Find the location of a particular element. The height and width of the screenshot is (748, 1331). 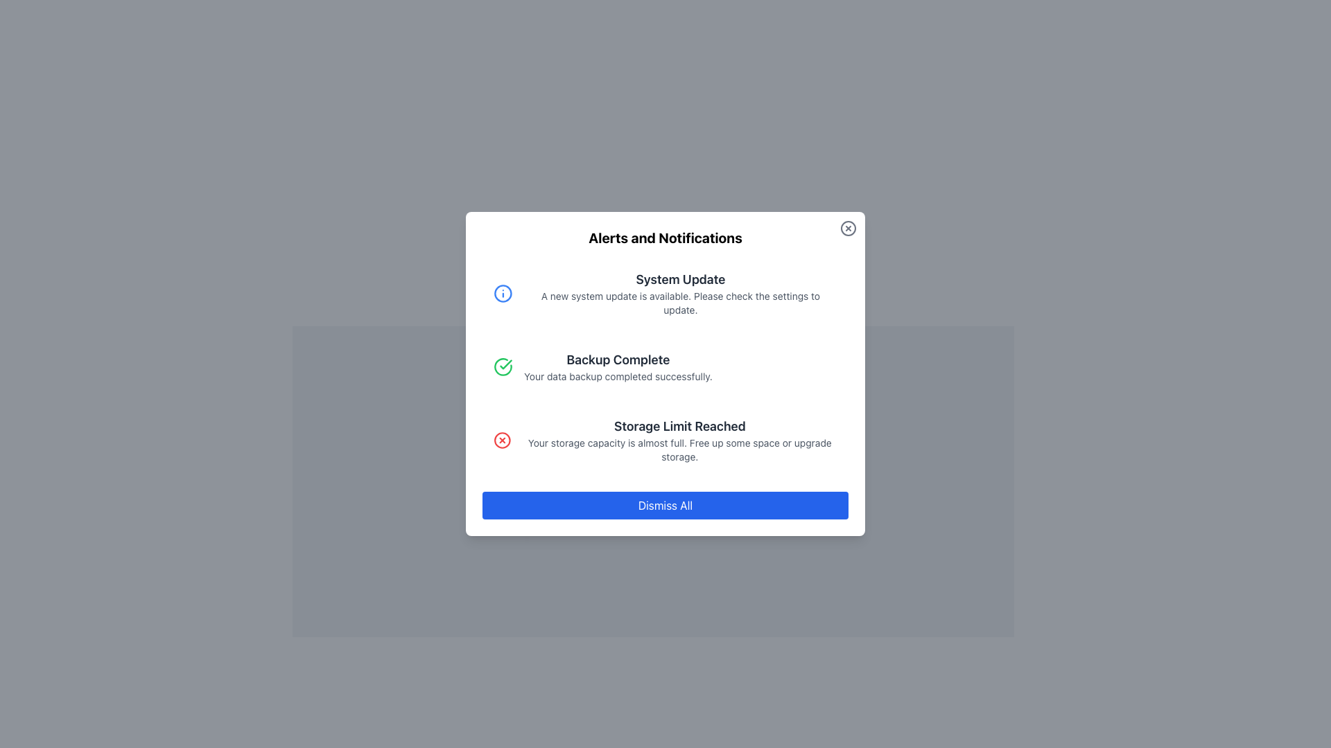

title 'Alerts and Notifications' displayed in bold at the top center of the dialog or notification box is located at coordinates (665, 237).